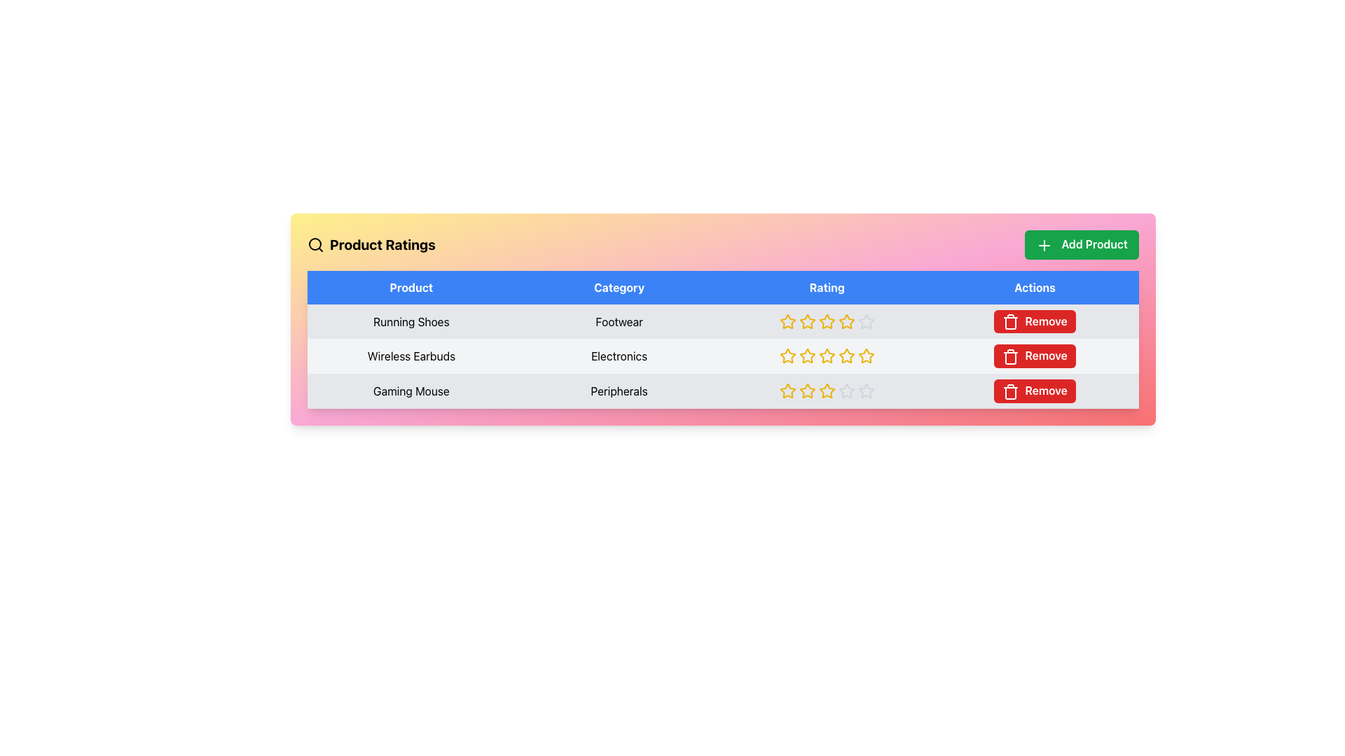 This screenshot has width=1345, height=756. What do you see at coordinates (865, 356) in the screenshot?
I see `the fourth rating star icon for the 'Wireless Earbuds' product` at bounding box center [865, 356].